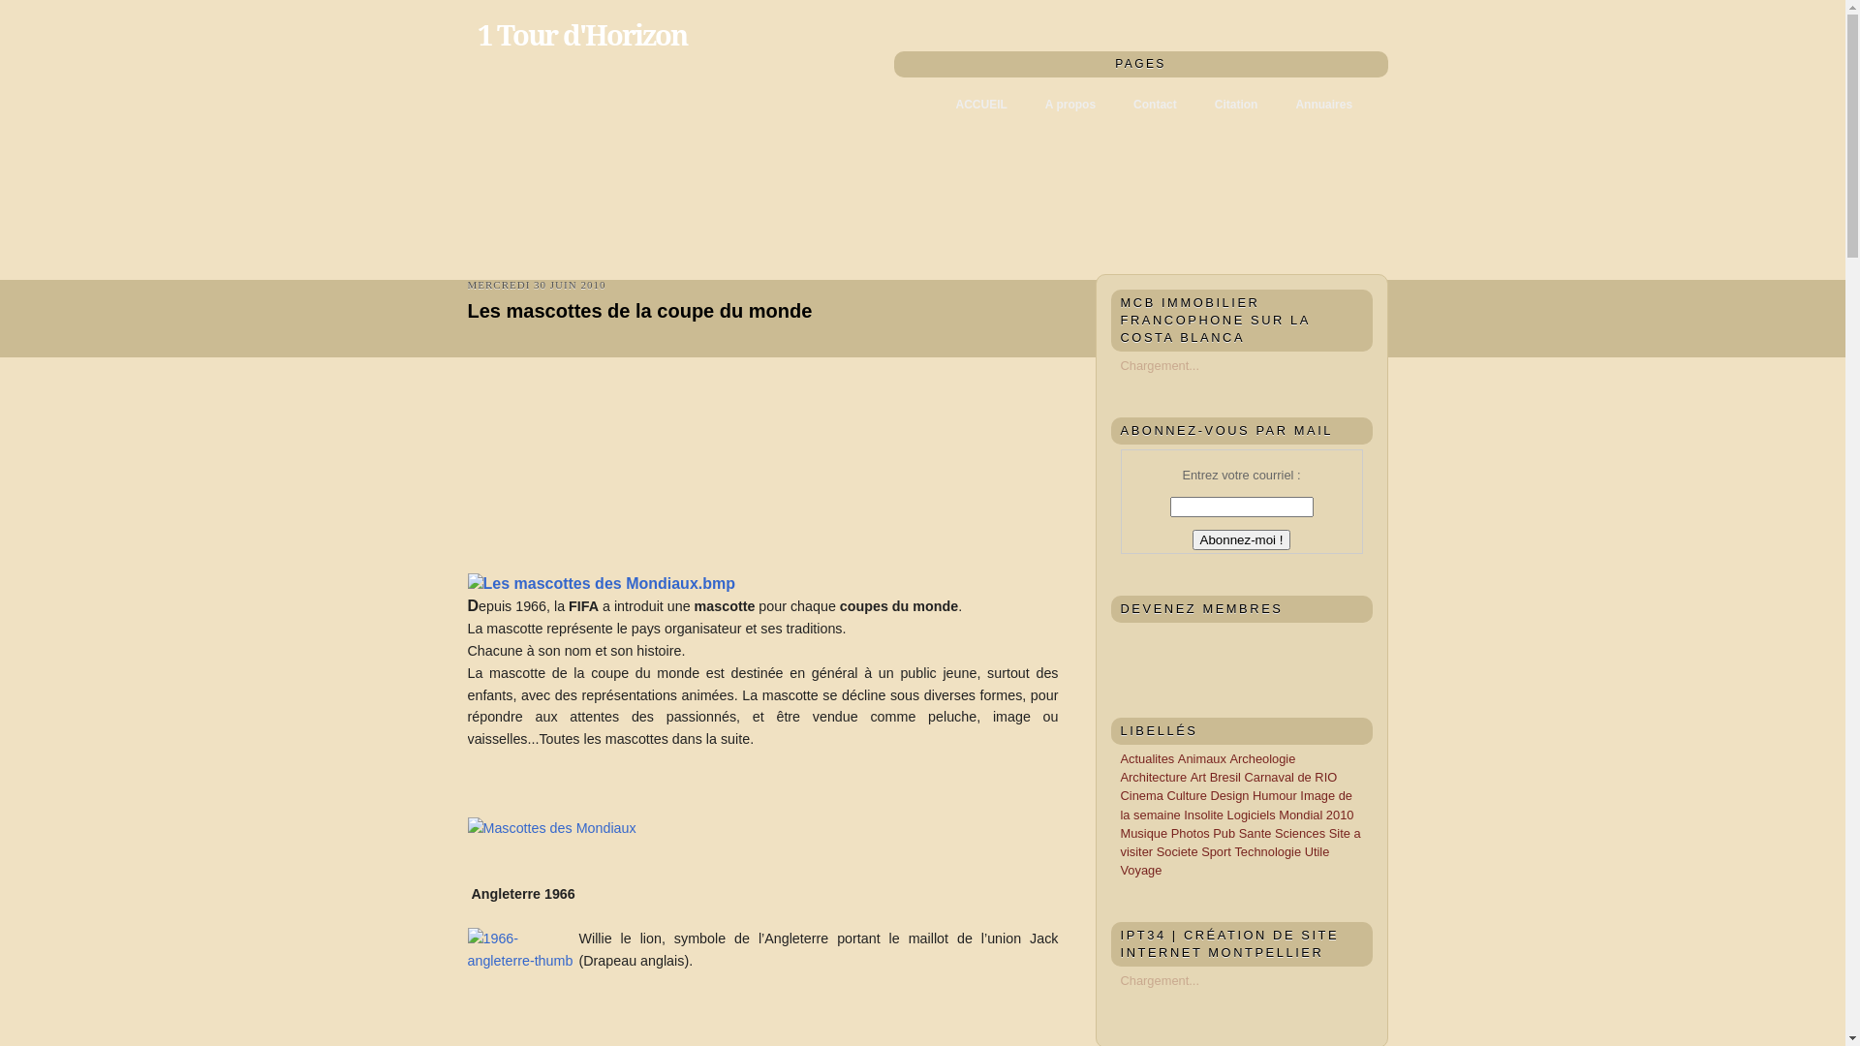 This screenshot has width=1860, height=1046. Describe the element at coordinates (600, 583) in the screenshot. I see `'Les mascottes des Mondiaux.bmp'` at that location.